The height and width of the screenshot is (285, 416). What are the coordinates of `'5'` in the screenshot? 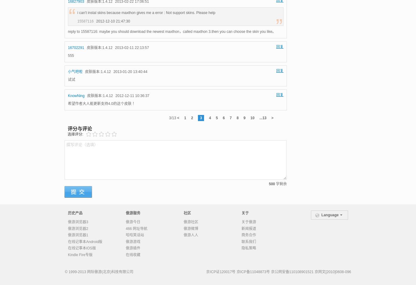 It's located at (215, 117).